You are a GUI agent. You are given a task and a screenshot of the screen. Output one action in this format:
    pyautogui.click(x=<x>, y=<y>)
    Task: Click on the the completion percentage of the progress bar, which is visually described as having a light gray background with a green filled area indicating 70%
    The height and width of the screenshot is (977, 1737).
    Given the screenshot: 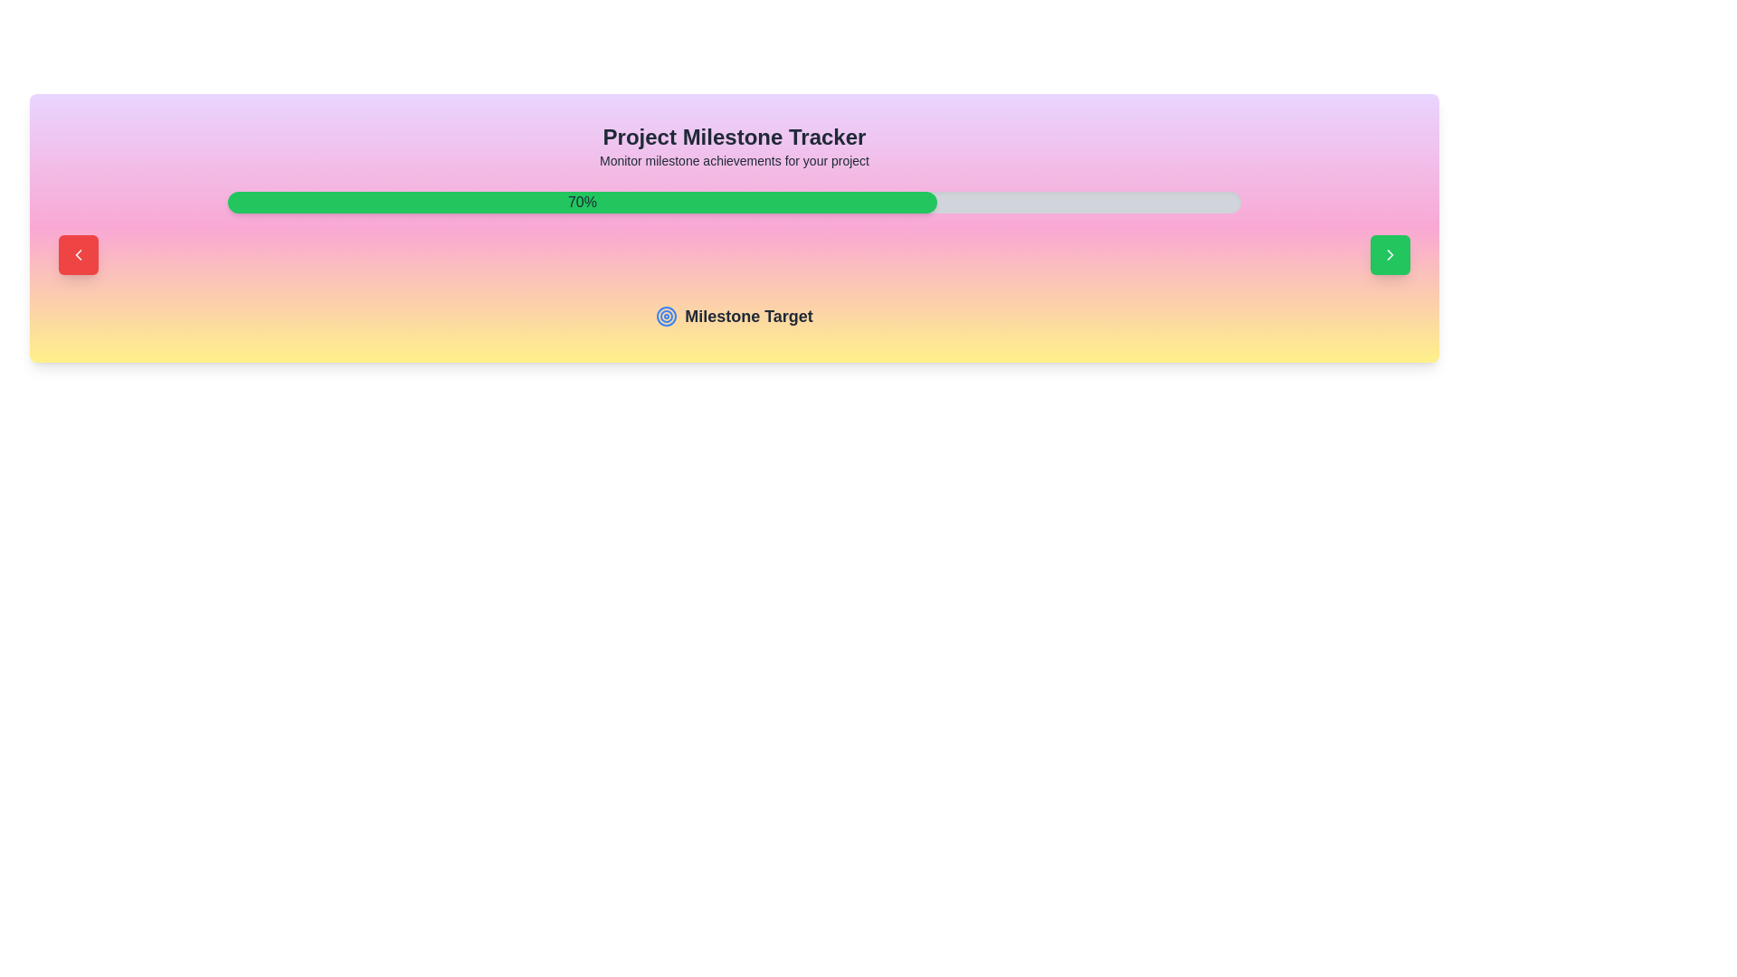 What is the action you would take?
    pyautogui.click(x=734, y=202)
    